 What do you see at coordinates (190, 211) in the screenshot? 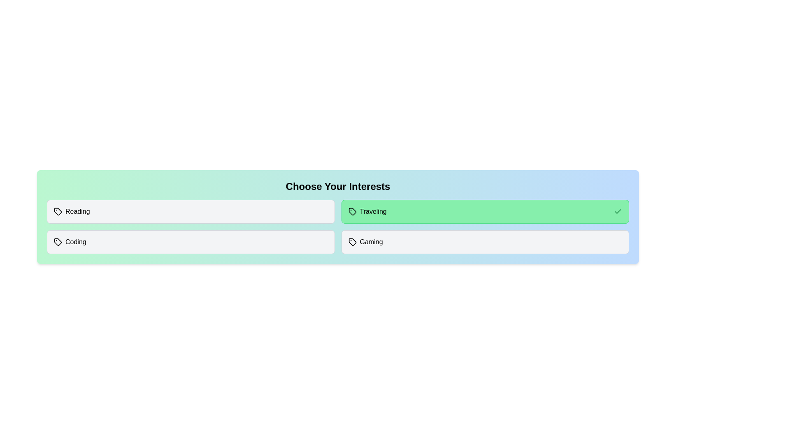
I see `the interest button labeled Reading` at bounding box center [190, 211].